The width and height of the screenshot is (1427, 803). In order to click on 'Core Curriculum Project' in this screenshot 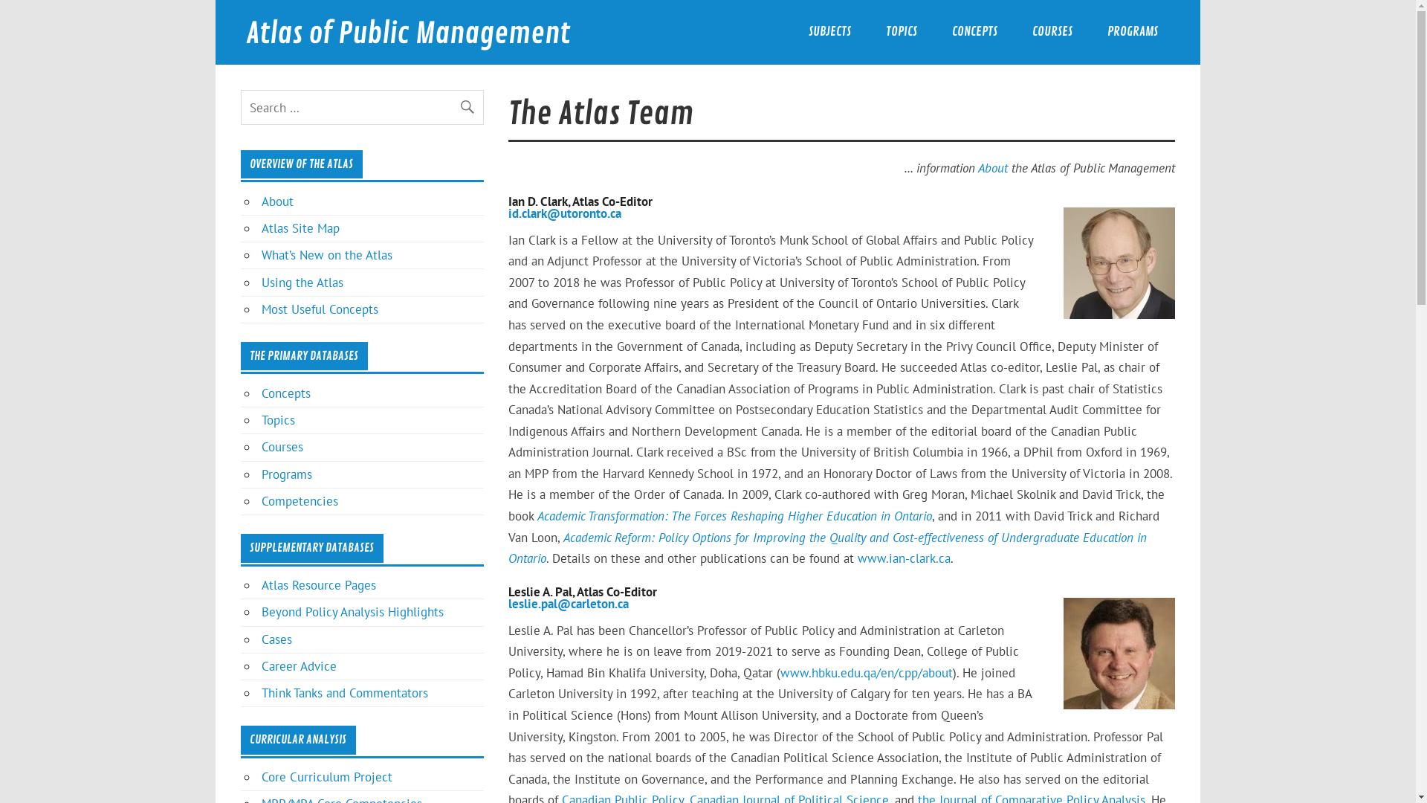, I will do `click(326, 776)`.